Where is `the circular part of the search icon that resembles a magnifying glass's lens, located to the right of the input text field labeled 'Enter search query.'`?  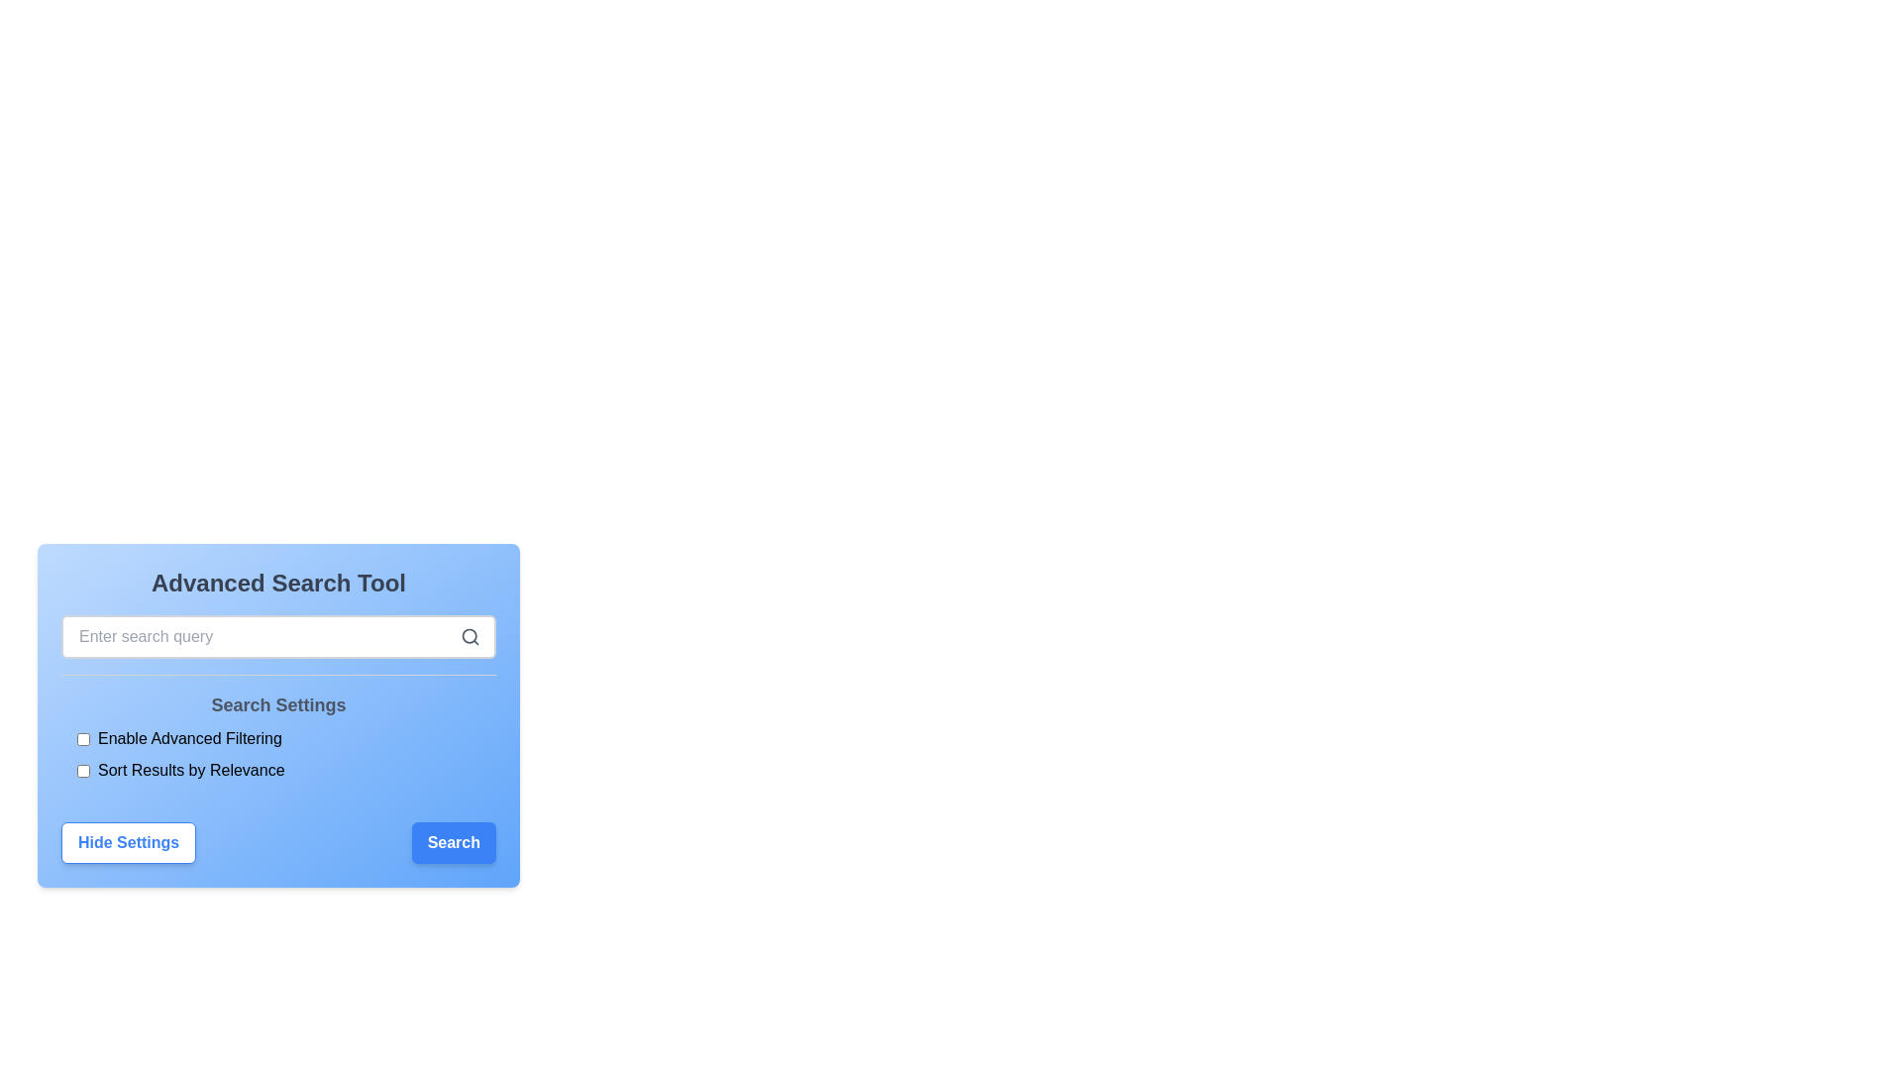 the circular part of the search icon that resembles a magnifying glass's lens, located to the right of the input text field labeled 'Enter search query.' is located at coordinates (469, 636).